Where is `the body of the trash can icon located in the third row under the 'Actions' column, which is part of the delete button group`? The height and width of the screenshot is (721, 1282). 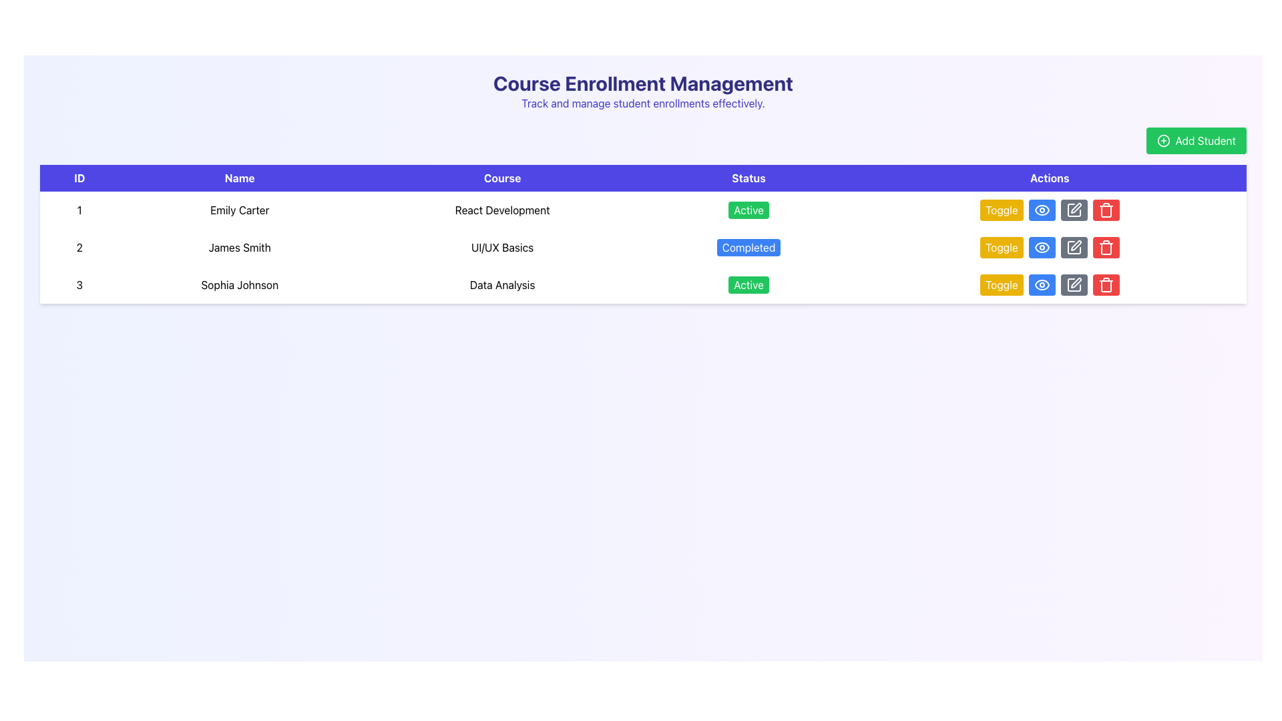 the body of the trash can icon located in the third row under the 'Actions' column, which is part of the delete button group is located at coordinates (1106, 285).